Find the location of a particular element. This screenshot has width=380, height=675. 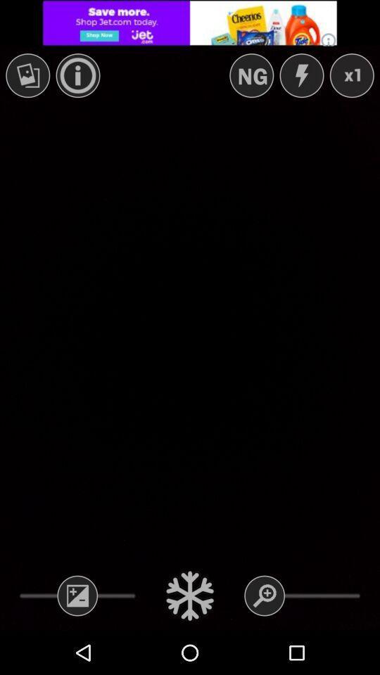

open advertisement is located at coordinates (190, 22).